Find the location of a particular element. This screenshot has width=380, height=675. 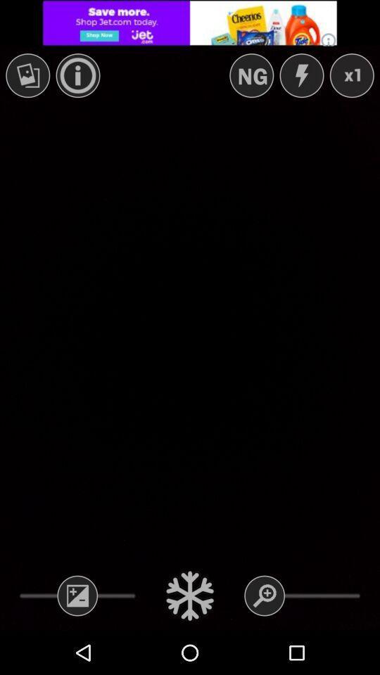

open advertisement is located at coordinates (190, 22).